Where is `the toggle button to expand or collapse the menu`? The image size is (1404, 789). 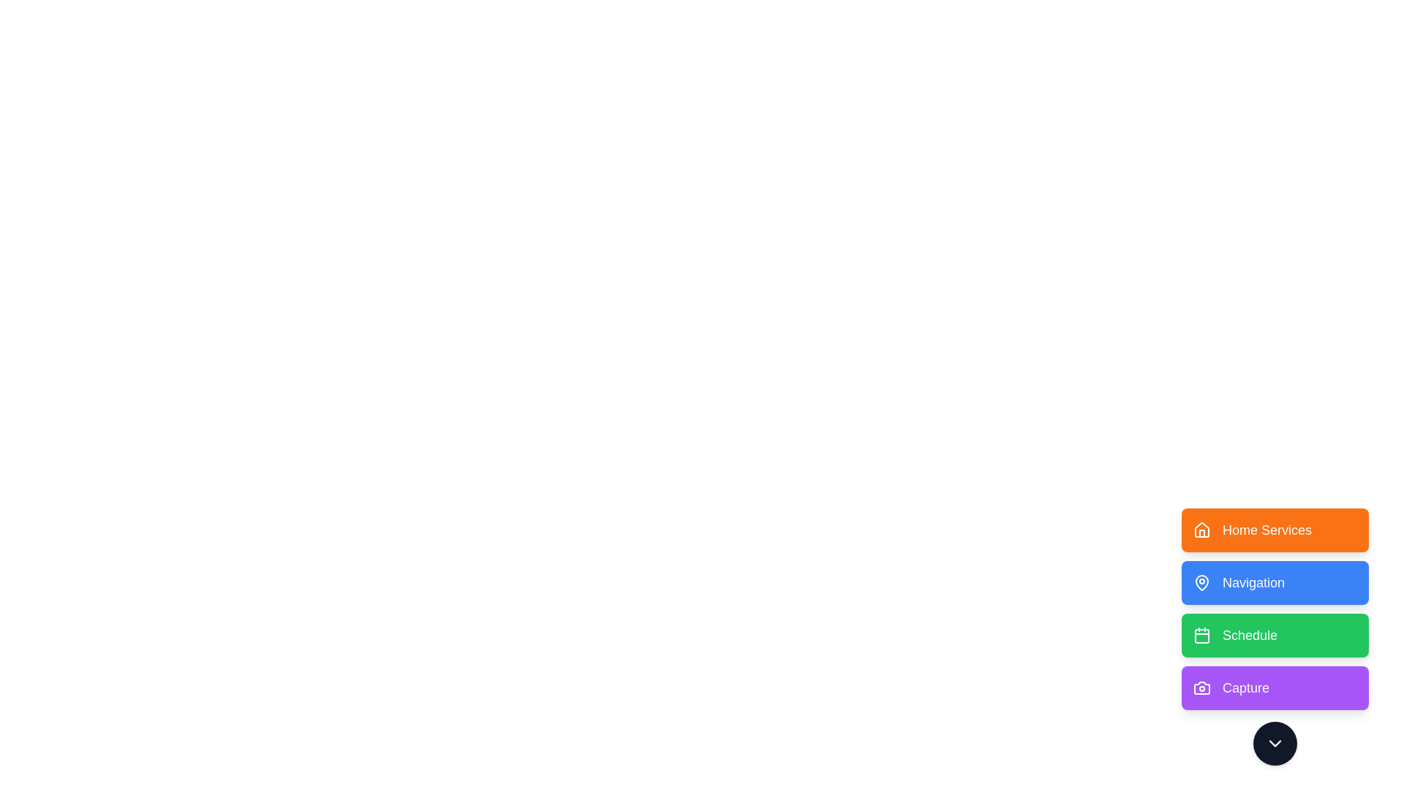
the toggle button to expand or collapse the menu is located at coordinates (1274, 744).